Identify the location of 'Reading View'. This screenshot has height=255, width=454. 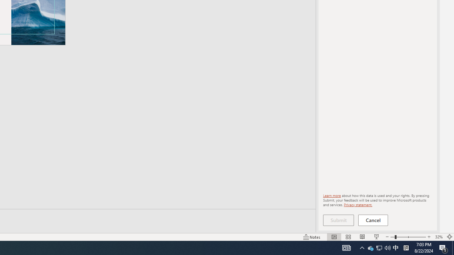
(362, 237).